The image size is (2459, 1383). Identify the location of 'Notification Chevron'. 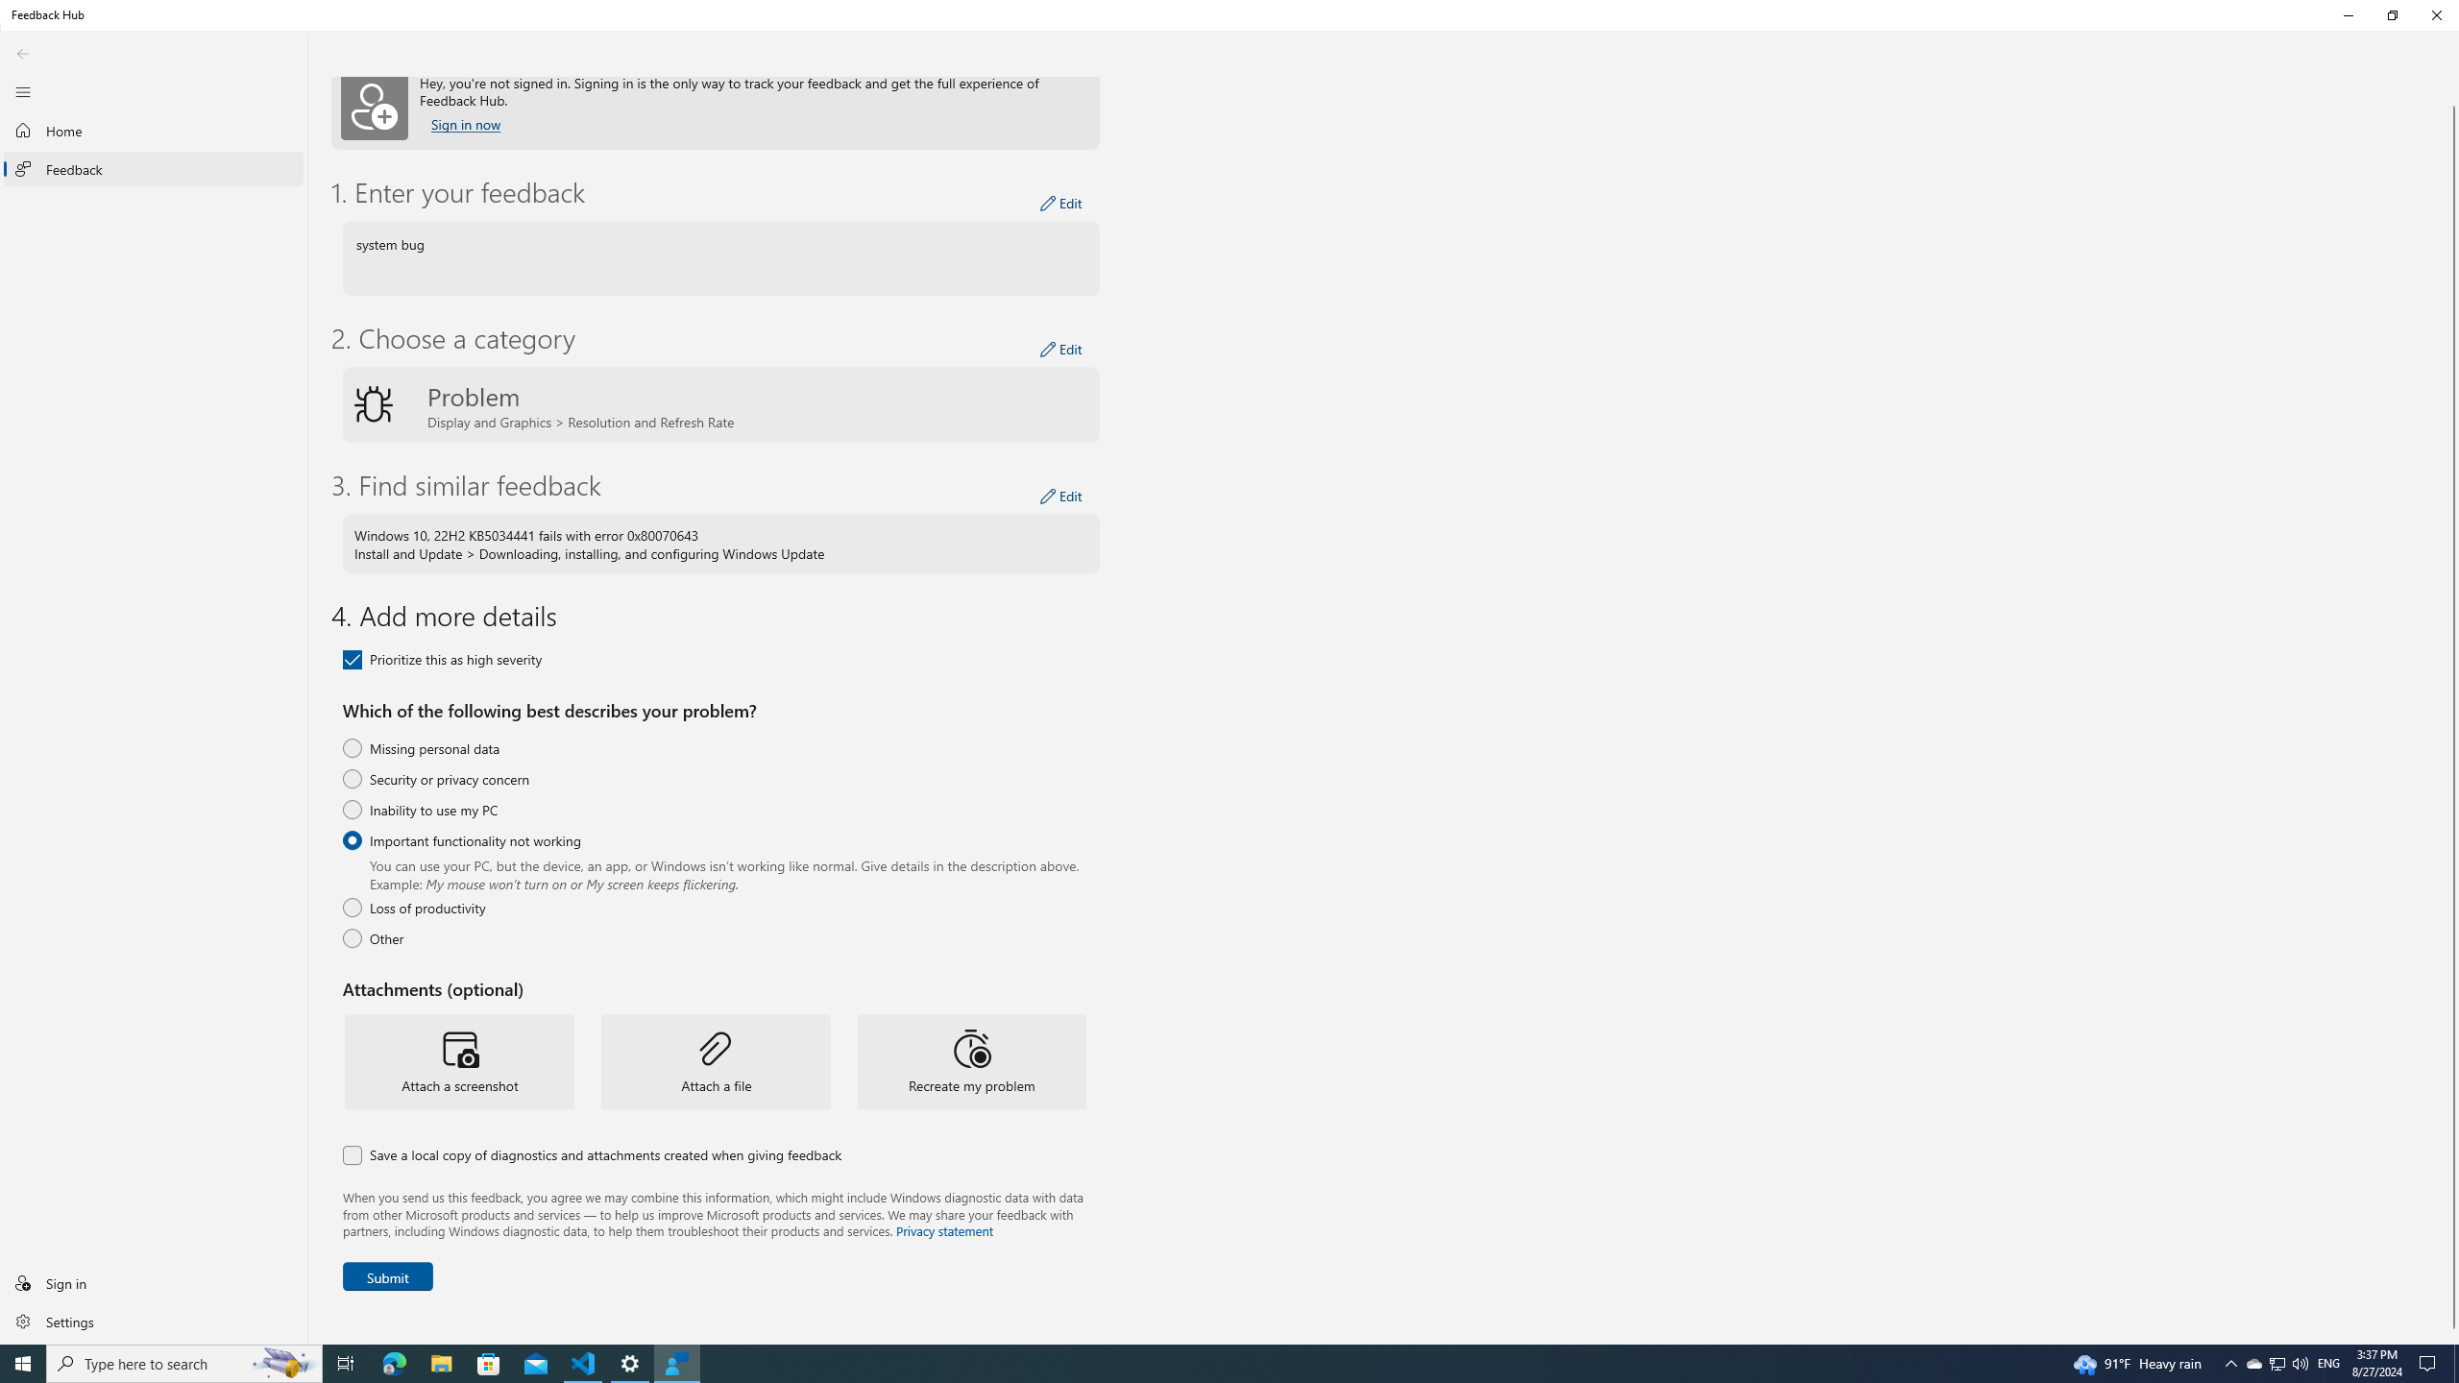
(2231, 1362).